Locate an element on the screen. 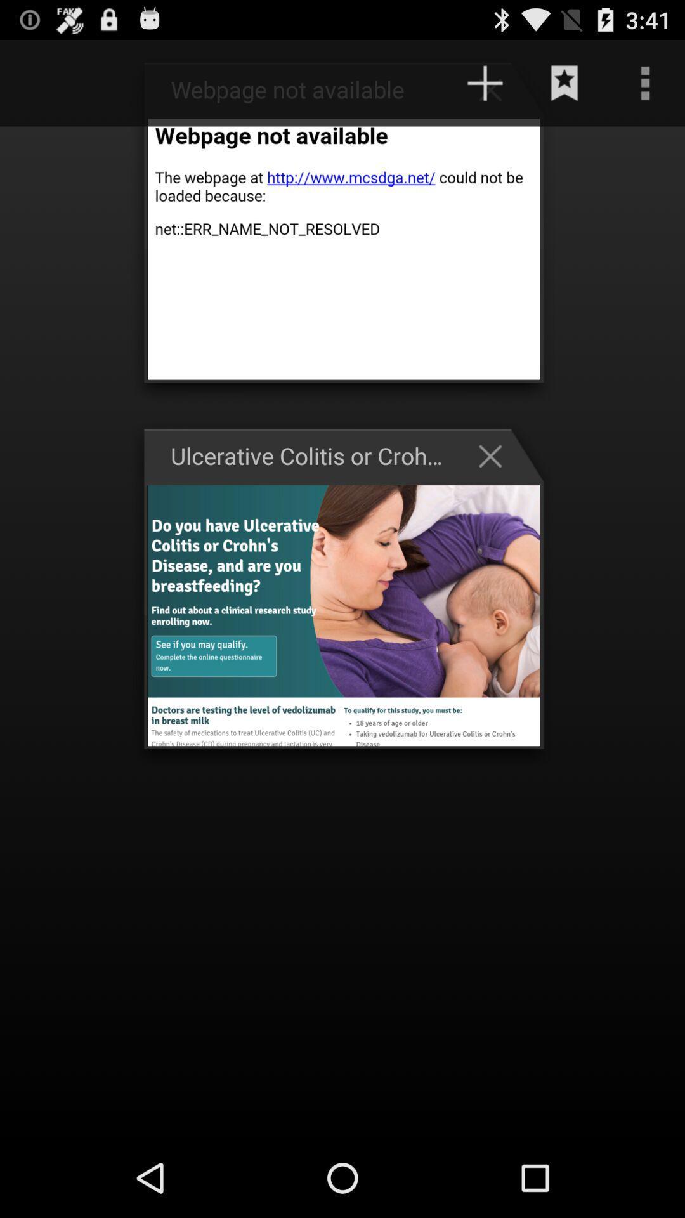 The image size is (685, 1218). the add icon is located at coordinates (485, 88).